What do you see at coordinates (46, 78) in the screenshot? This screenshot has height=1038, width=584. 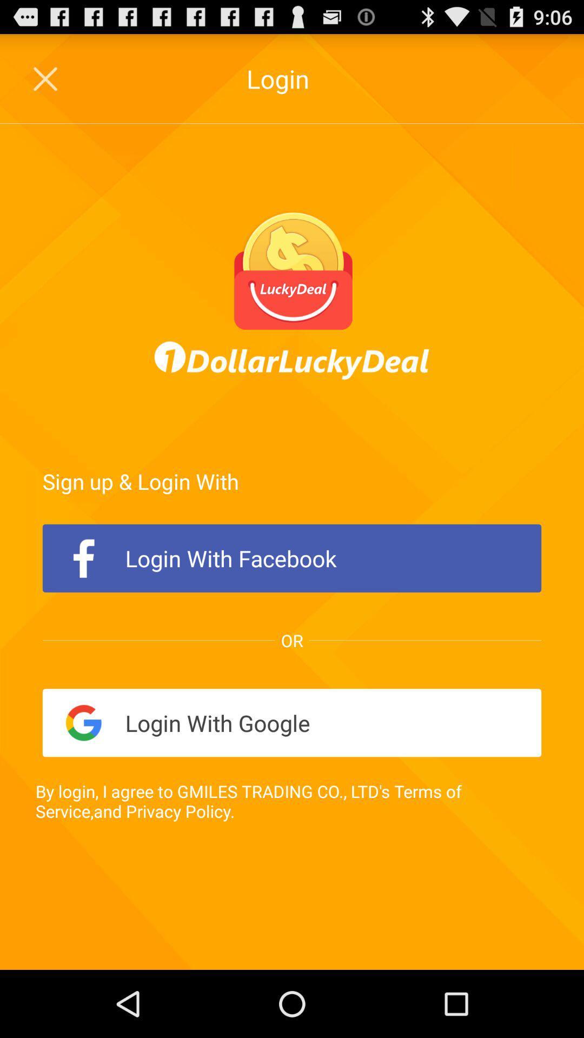 I see `the item at the top left corner` at bounding box center [46, 78].